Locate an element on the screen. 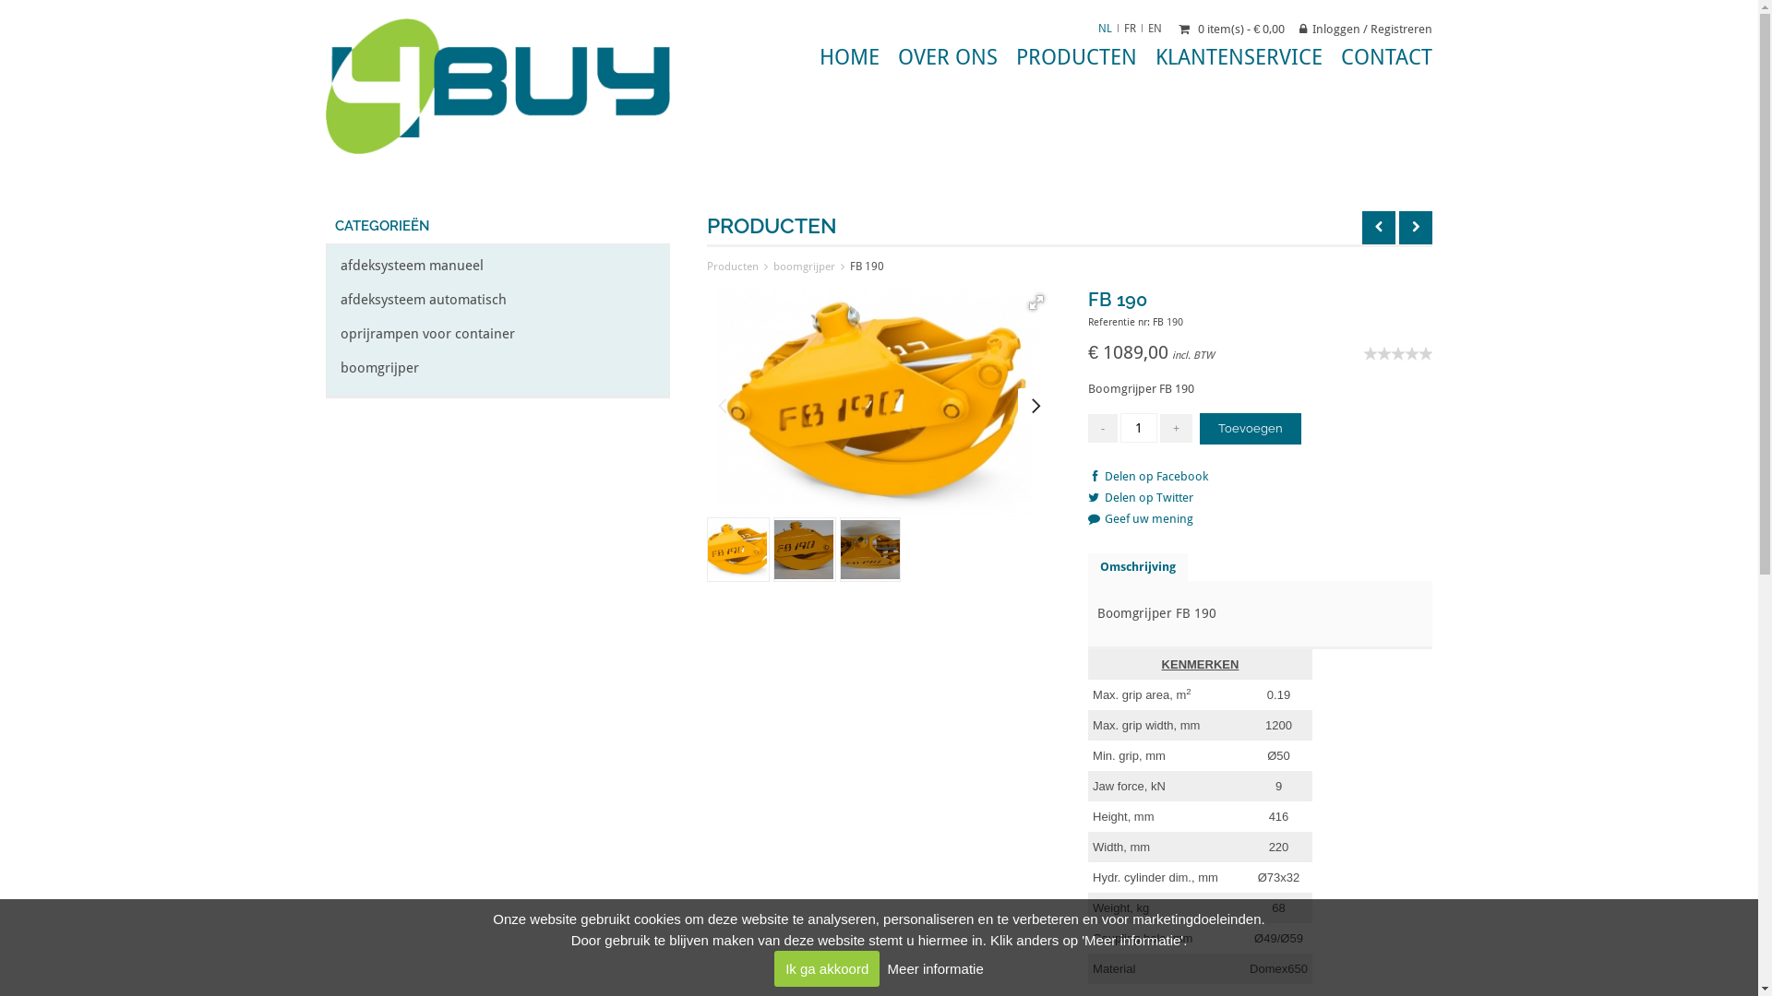 The width and height of the screenshot is (1772, 996). 'Toevoegen' is located at coordinates (1250, 429).